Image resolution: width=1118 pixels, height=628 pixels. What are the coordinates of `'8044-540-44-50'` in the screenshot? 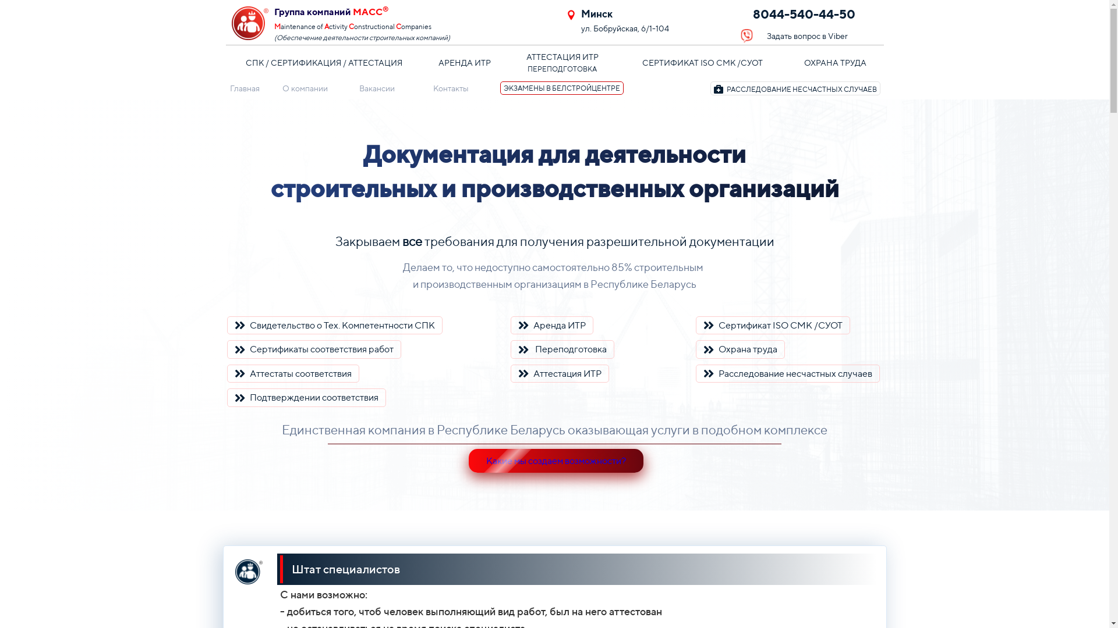 It's located at (810, 16).